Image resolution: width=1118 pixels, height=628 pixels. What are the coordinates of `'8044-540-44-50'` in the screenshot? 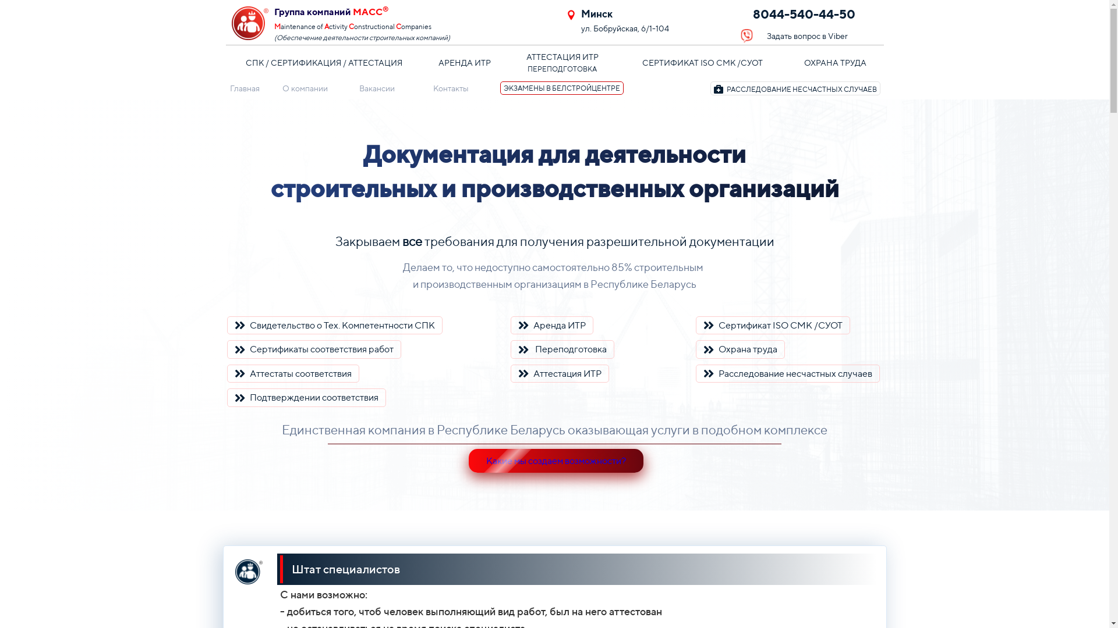 It's located at (810, 16).